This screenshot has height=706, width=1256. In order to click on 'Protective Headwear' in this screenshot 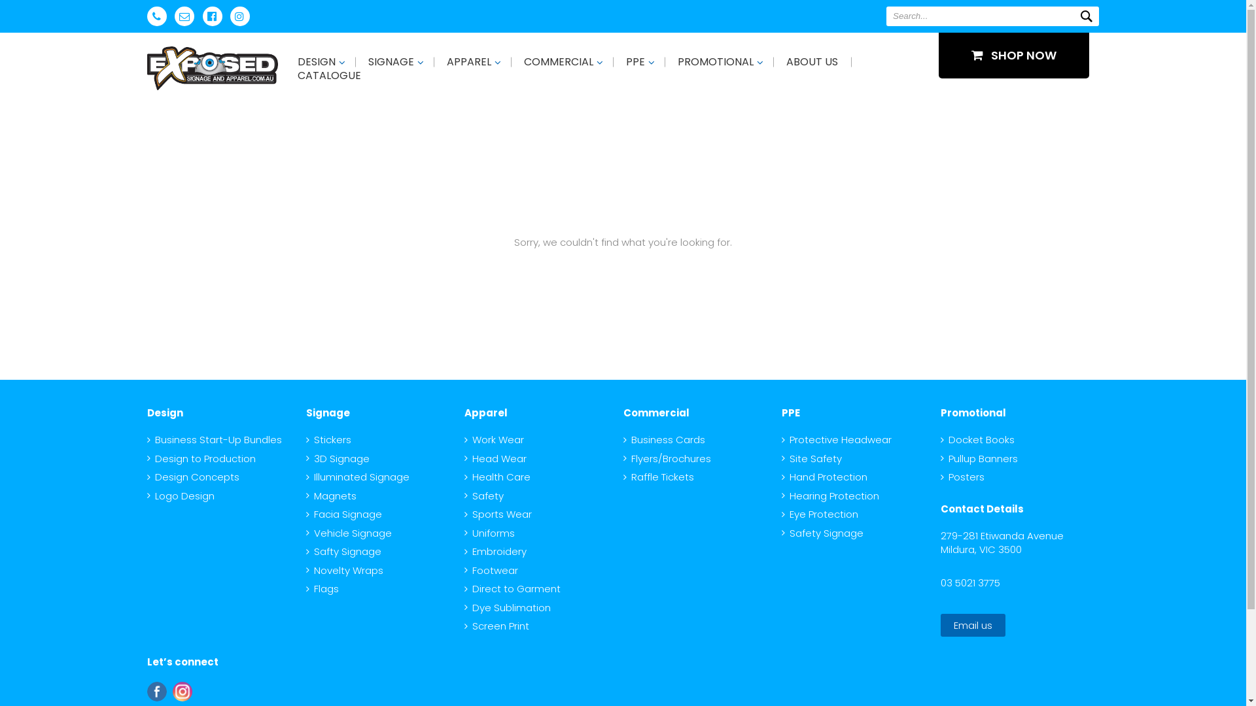, I will do `click(835, 439)`.